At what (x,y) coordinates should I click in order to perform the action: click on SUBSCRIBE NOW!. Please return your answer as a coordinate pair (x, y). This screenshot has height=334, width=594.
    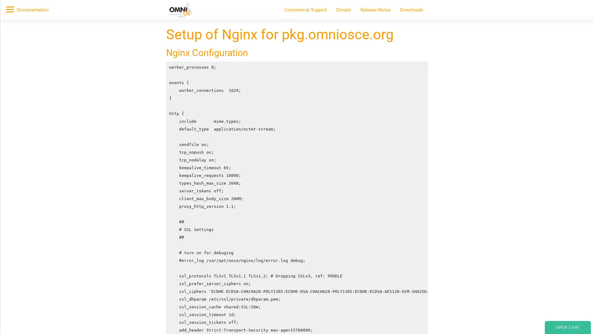
    Looking at the image, I should click on (170, 70).